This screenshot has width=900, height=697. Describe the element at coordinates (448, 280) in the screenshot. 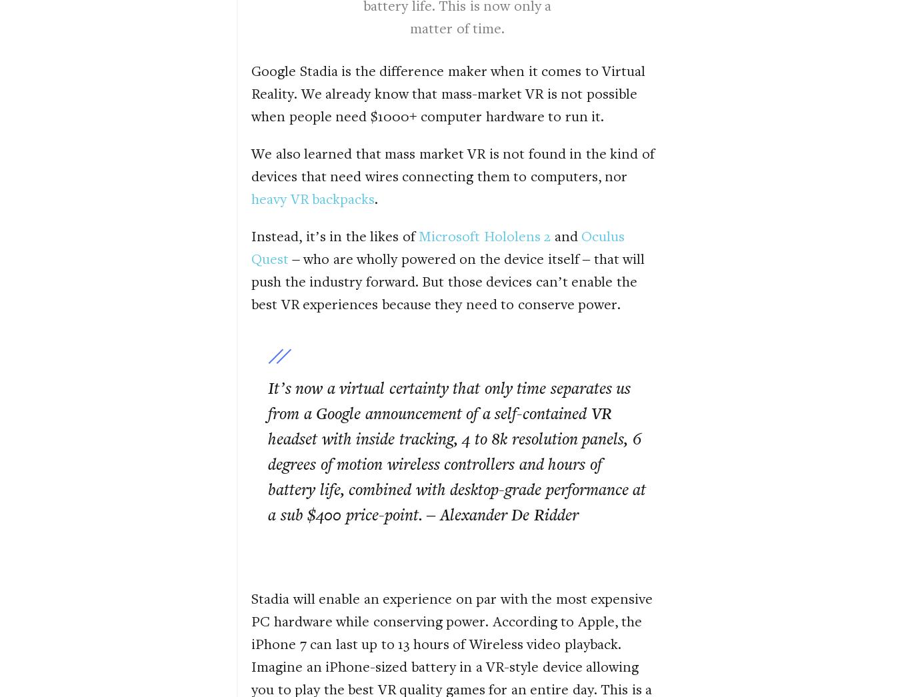

I see `'– who are wholly powered on the device itself – that will push the industry forward. But those devices can’t enable the best VR experiences because they need to conserve power.'` at that location.